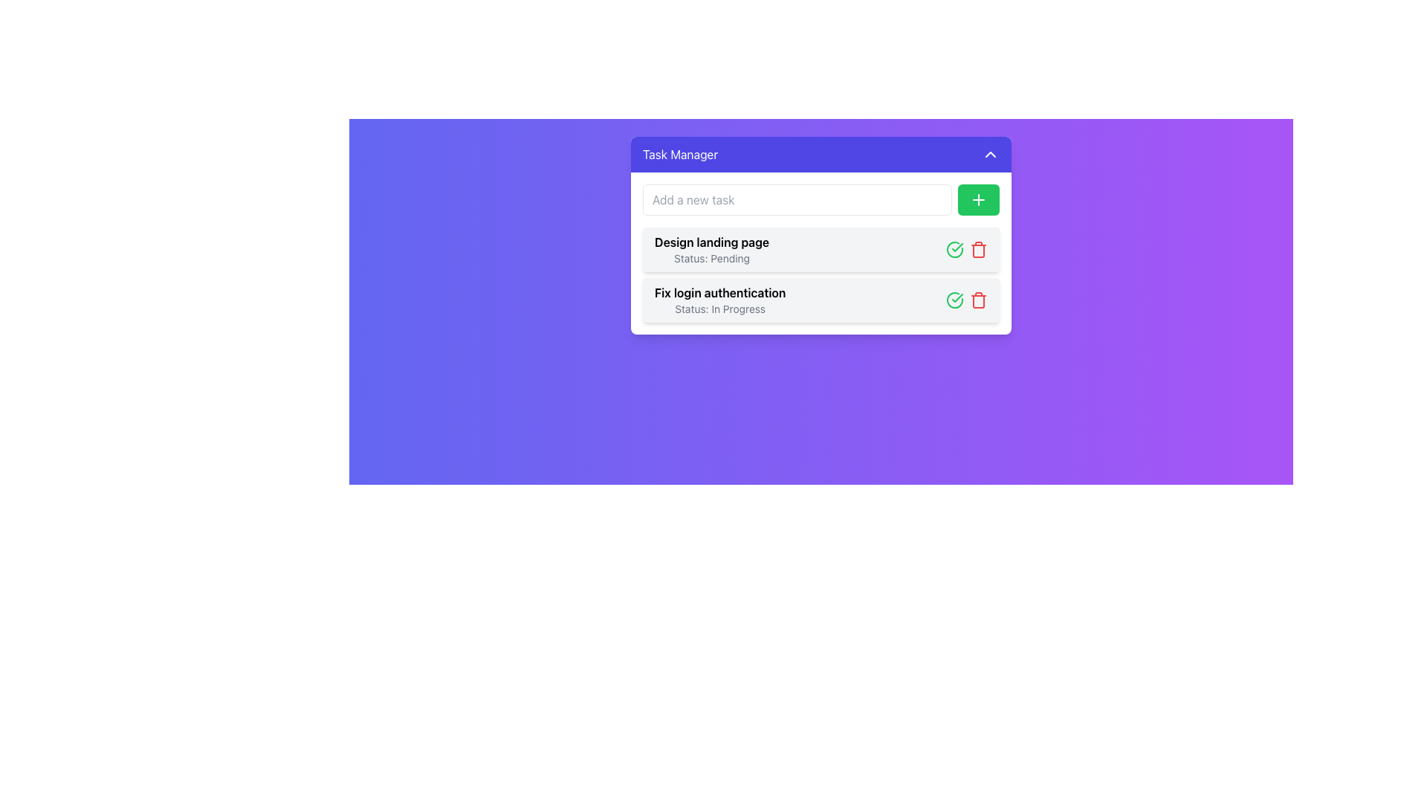  I want to click on the Text Label displaying 'Design landing page' with status 'Pending', which is the first task in the list, so click(711, 248).